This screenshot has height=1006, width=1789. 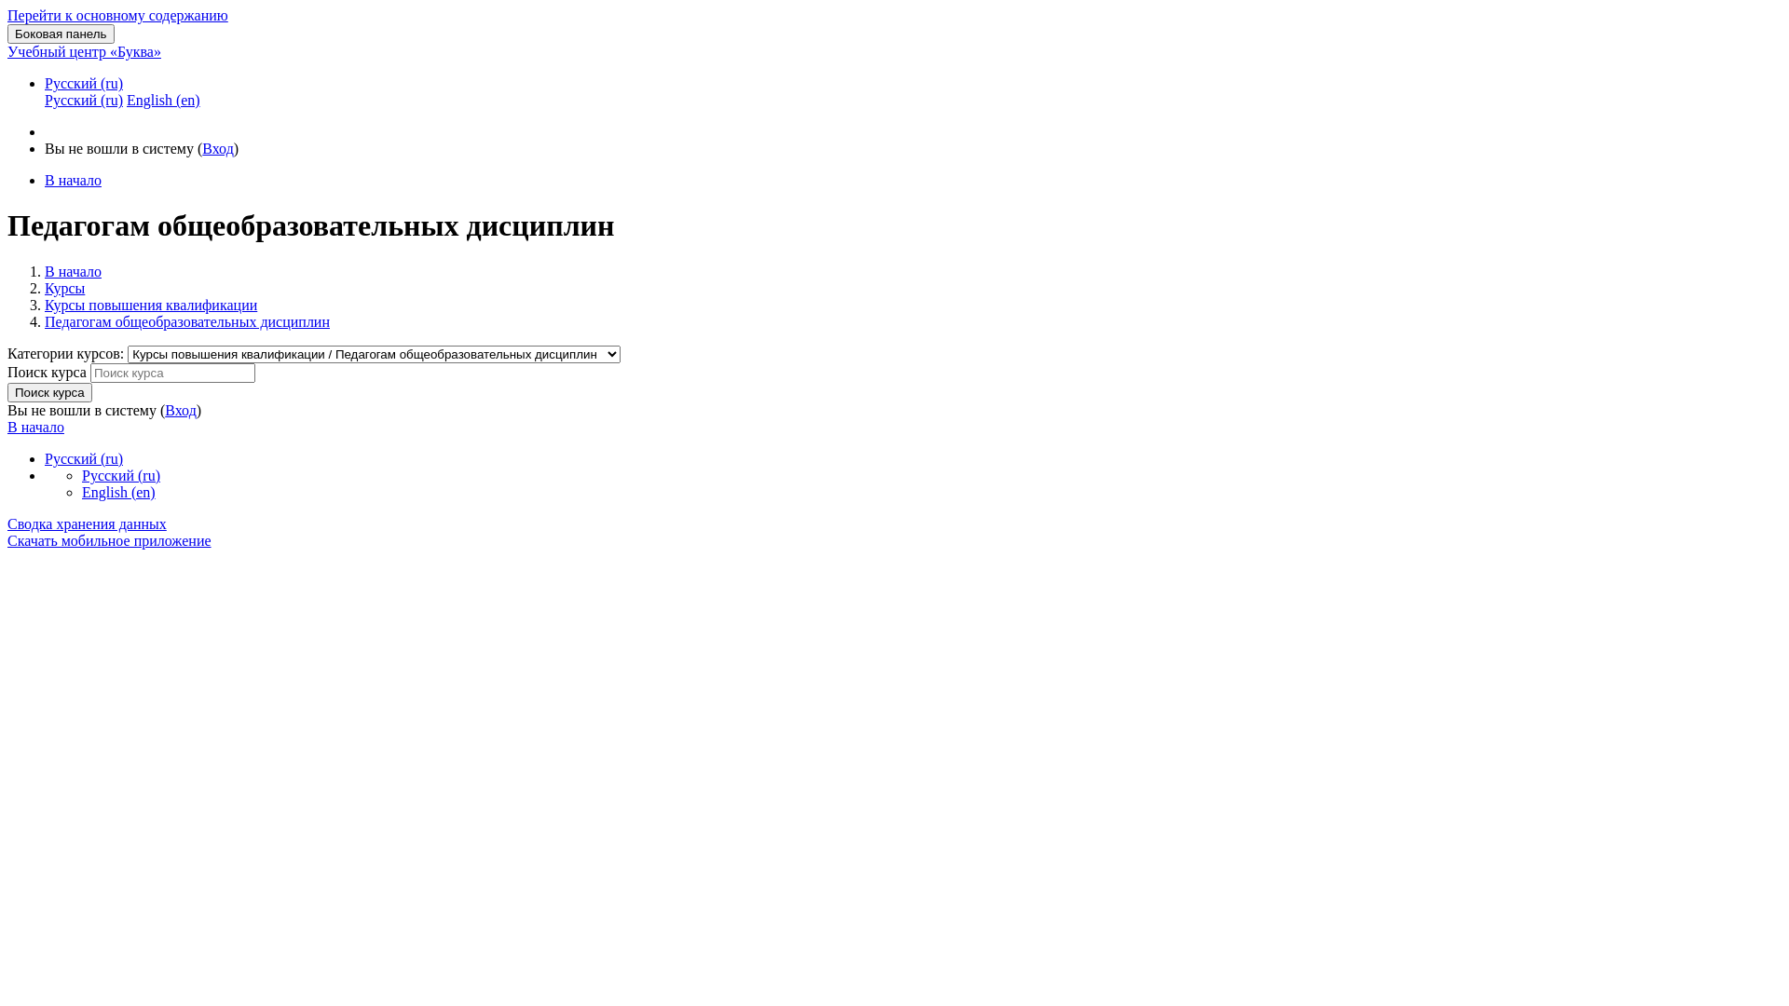 I want to click on 'English (en)', so click(x=80, y=491).